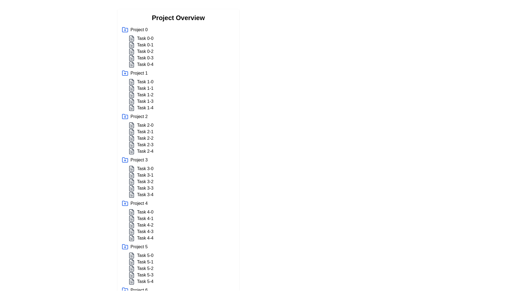 This screenshot has width=522, height=293. Describe the element at coordinates (132, 151) in the screenshot. I see `the file icon resembling a document, styled to match the layout and positioned near the label 'Task 2-3' in the third project group` at that location.